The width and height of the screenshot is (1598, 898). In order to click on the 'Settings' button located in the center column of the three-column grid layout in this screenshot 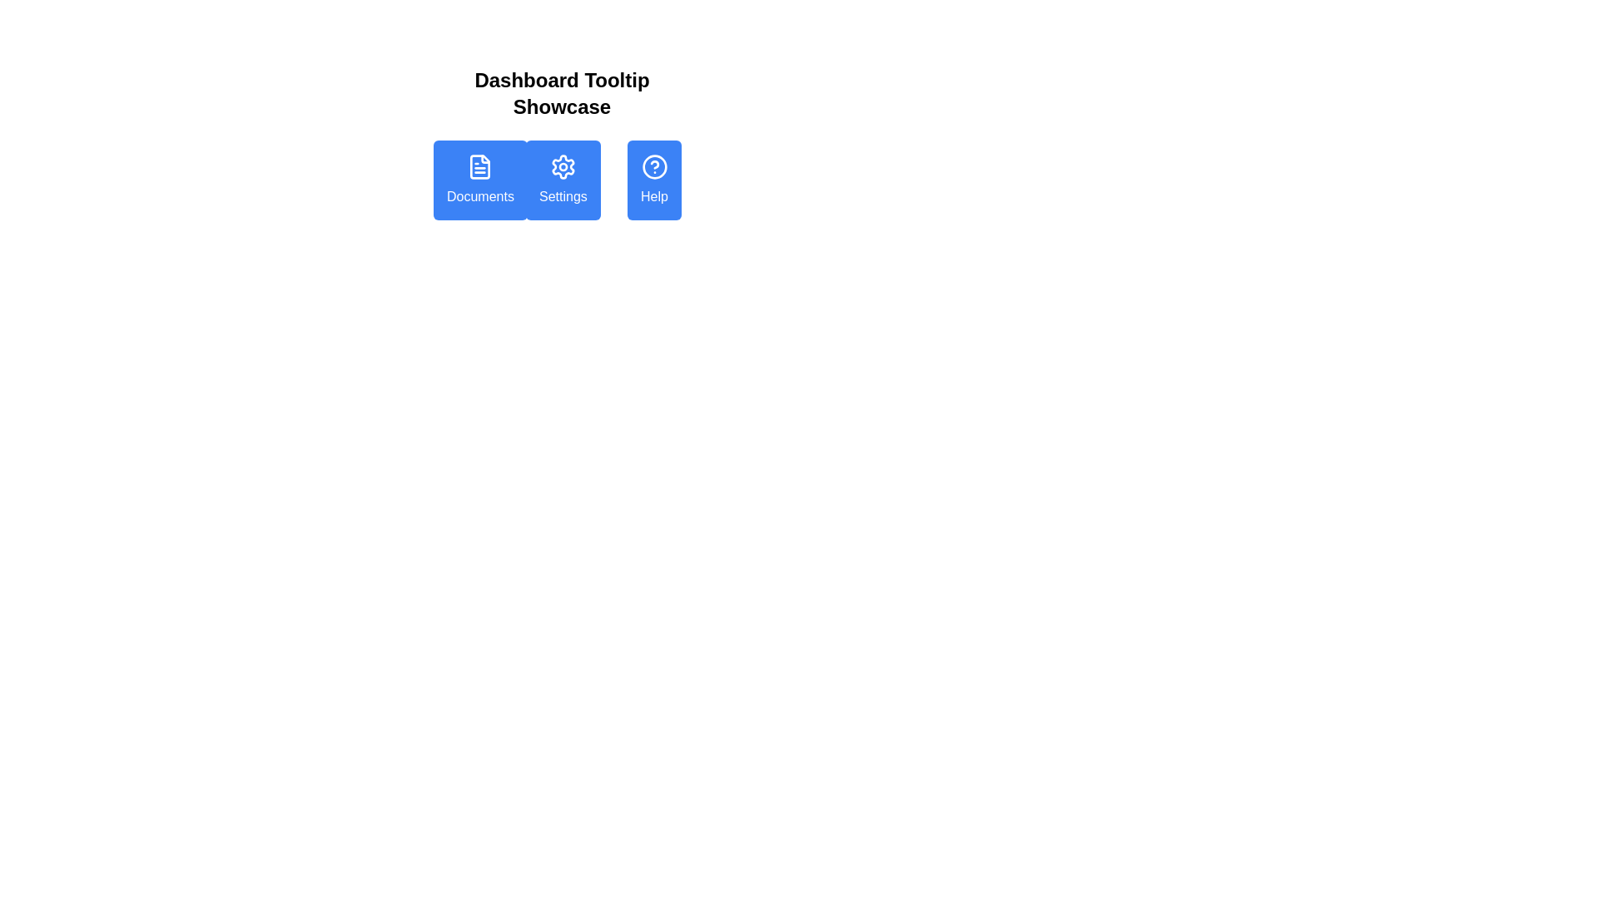, I will do `click(562, 180)`.